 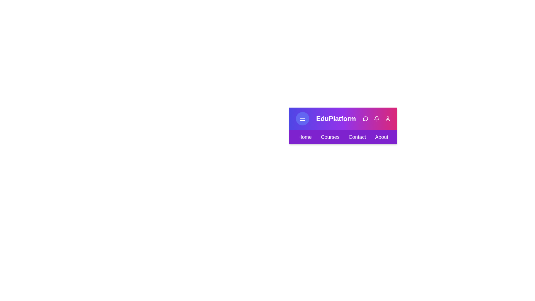 What do you see at coordinates (302, 118) in the screenshot?
I see `the menu button to toggle the navigation menu visibility` at bounding box center [302, 118].